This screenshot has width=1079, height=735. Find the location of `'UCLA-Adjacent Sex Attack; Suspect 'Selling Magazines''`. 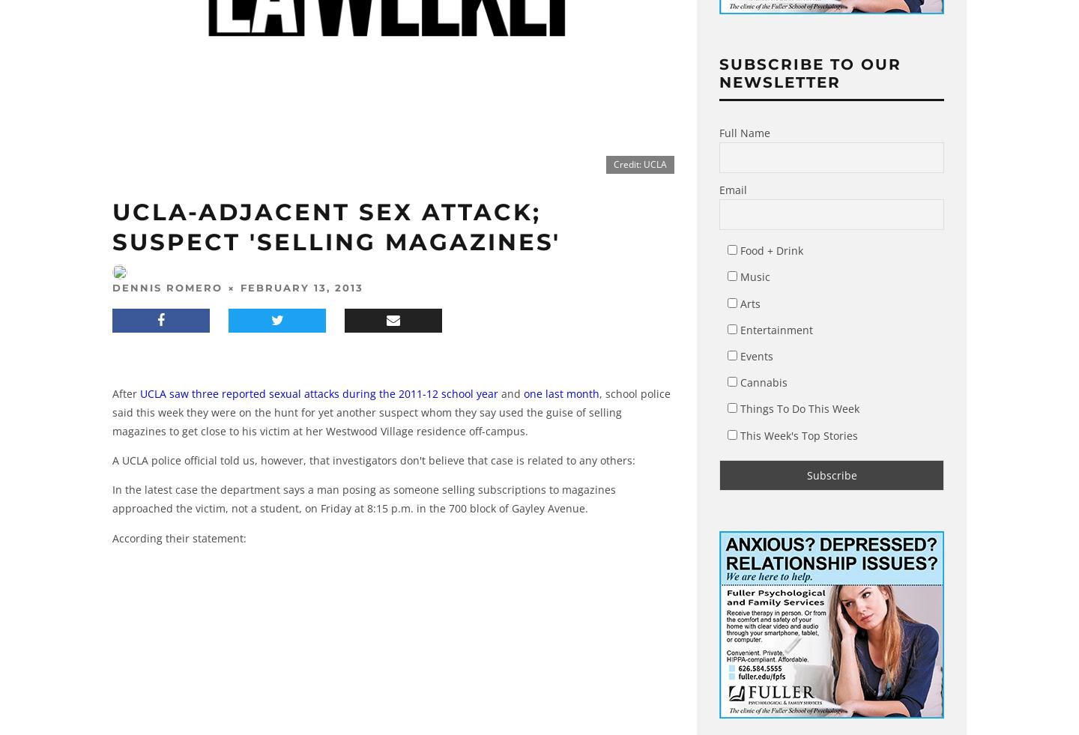

'UCLA-Adjacent Sex Attack; Suspect 'Selling Magazines'' is located at coordinates (336, 226).